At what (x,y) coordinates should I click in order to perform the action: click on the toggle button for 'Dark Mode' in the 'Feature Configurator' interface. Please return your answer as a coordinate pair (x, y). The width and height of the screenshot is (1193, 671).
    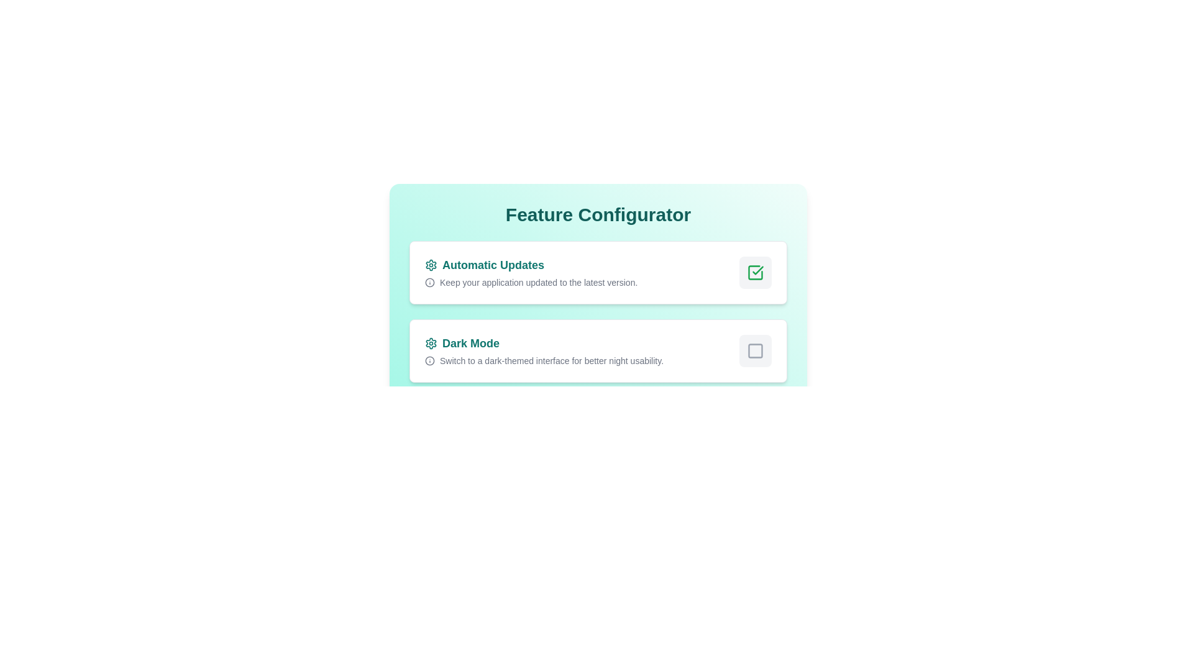
    Looking at the image, I should click on (754, 350).